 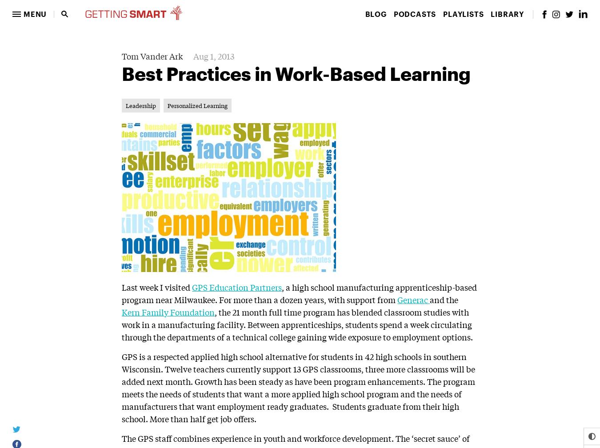 What do you see at coordinates (463, 14) in the screenshot?
I see `'Playlists'` at bounding box center [463, 14].